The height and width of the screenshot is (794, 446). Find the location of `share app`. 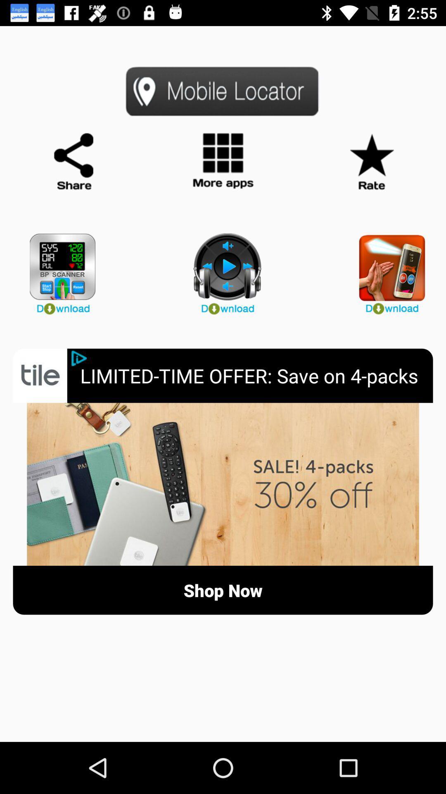

share app is located at coordinates (74, 162).